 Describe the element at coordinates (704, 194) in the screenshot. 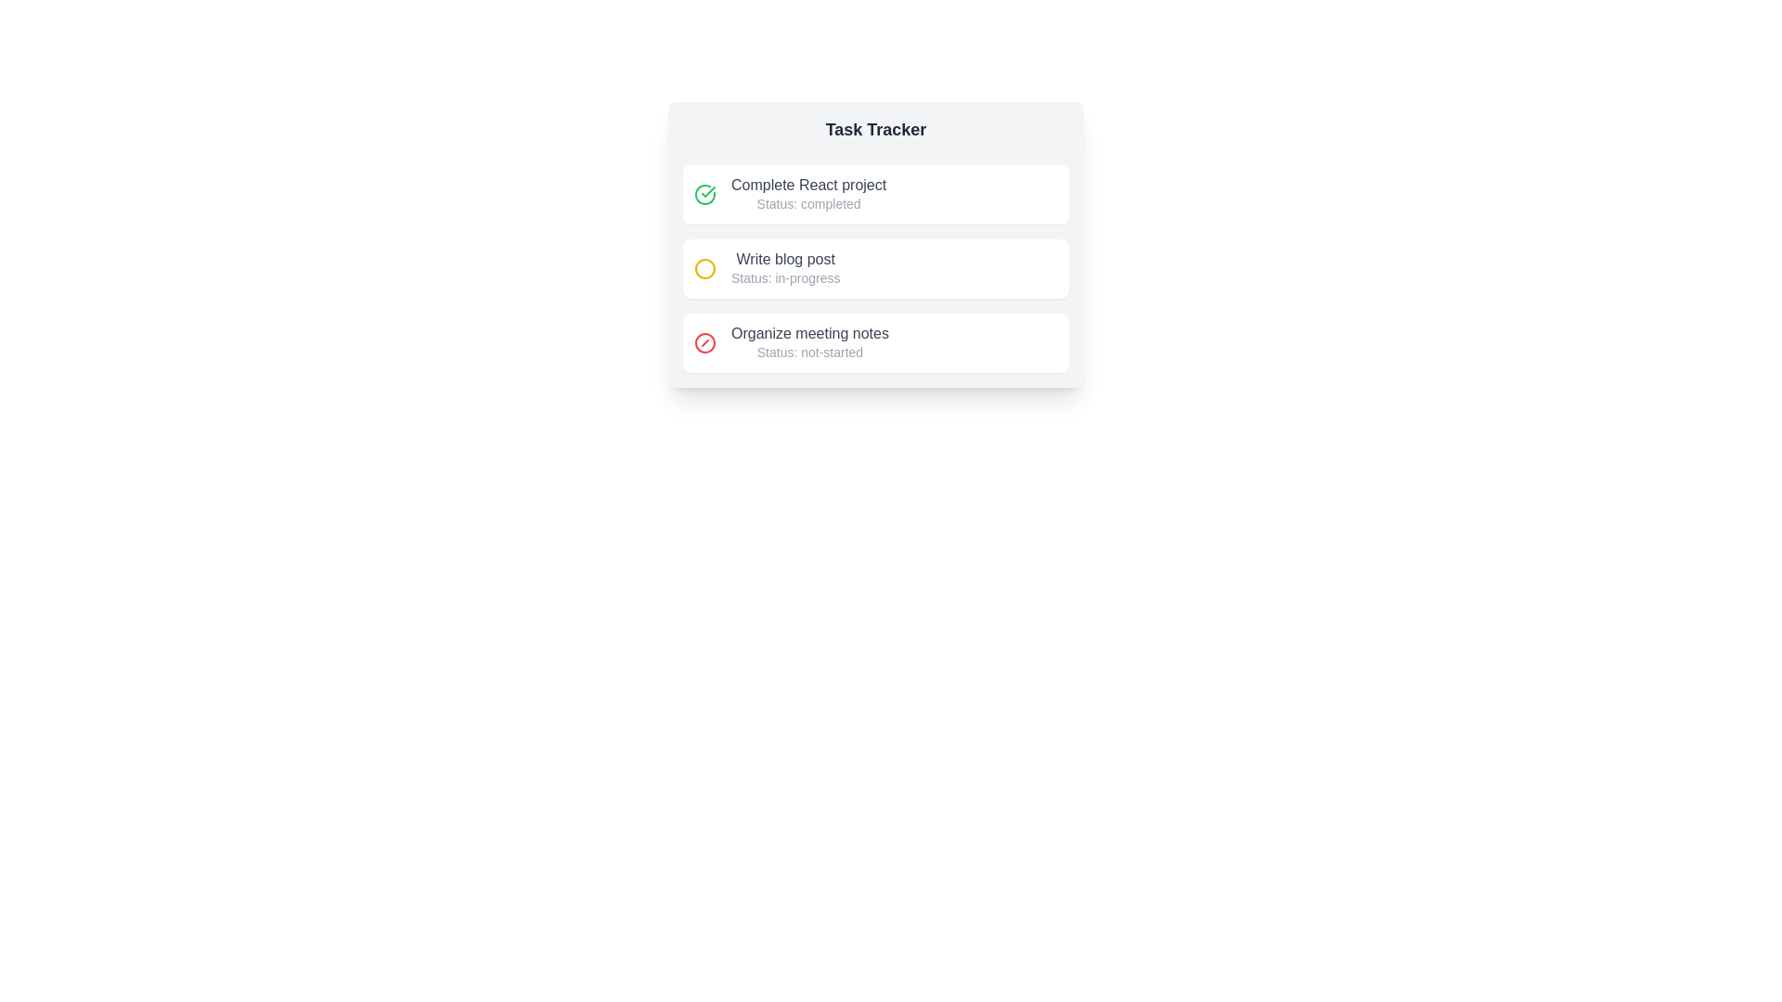

I see `the green circular icon with a checkmark that indicates the 'completed' status for the task 'Complete React project'` at that location.